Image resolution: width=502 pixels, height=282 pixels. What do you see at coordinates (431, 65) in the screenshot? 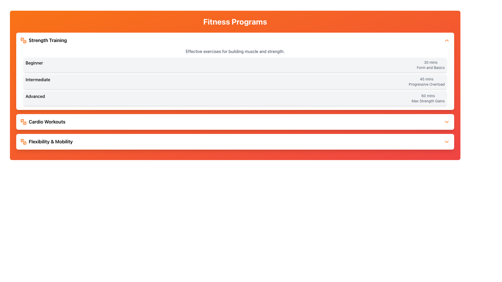
I see `the Text Label located in the upper-right corner of the 'Beginner' card in the 'Strength Training' section to gather information about the fitness program module` at bounding box center [431, 65].